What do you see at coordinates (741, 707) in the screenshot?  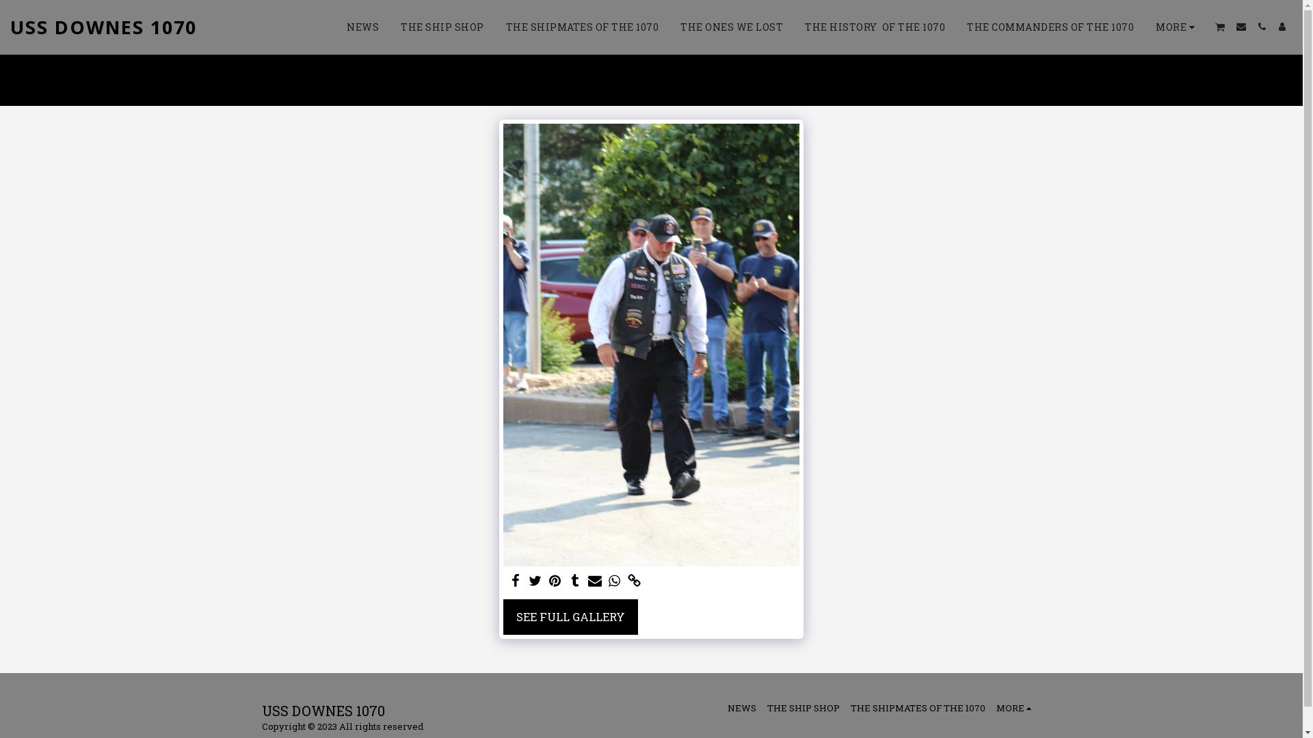 I see `'NEWS'` at bounding box center [741, 707].